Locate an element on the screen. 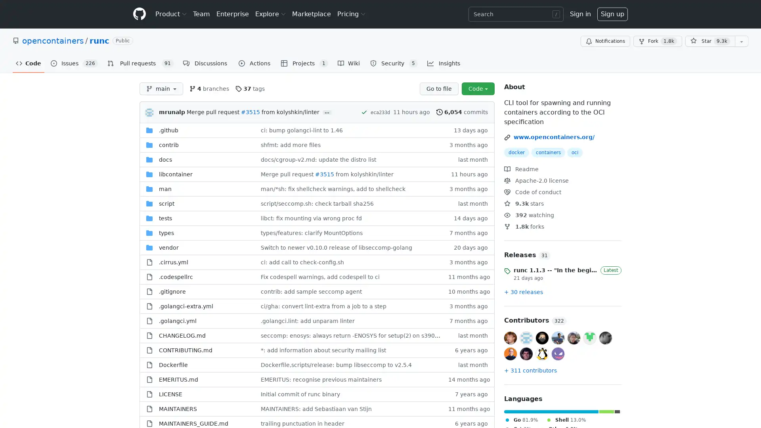 The width and height of the screenshot is (761, 428). You must be signed in to add this repository to a list is located at coordinates (741, 41).